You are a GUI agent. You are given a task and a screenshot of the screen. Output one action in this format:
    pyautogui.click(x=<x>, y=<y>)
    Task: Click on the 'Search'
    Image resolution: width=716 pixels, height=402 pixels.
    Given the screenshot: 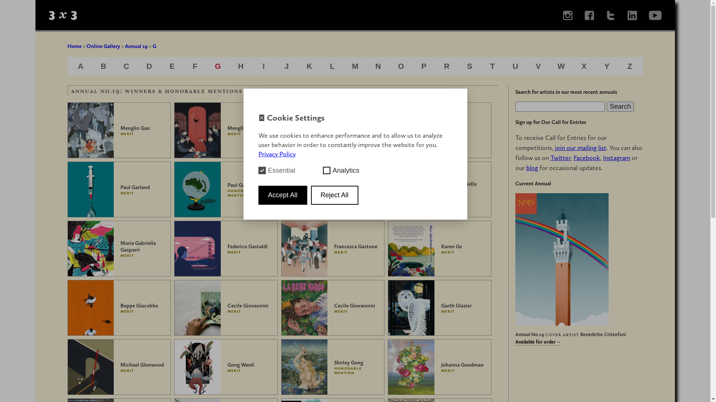 What is the action you would take?
    pyautogui.click(x=620, y=106)
    